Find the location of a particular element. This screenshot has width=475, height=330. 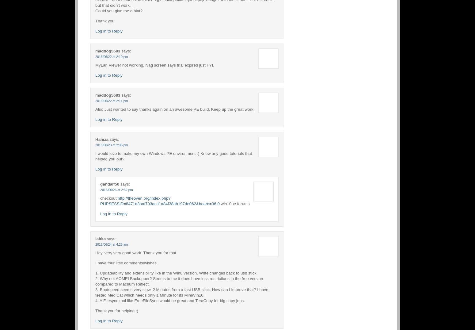

'2016/06/26 at 2:32 pm' is located at coordinates (116, 189).